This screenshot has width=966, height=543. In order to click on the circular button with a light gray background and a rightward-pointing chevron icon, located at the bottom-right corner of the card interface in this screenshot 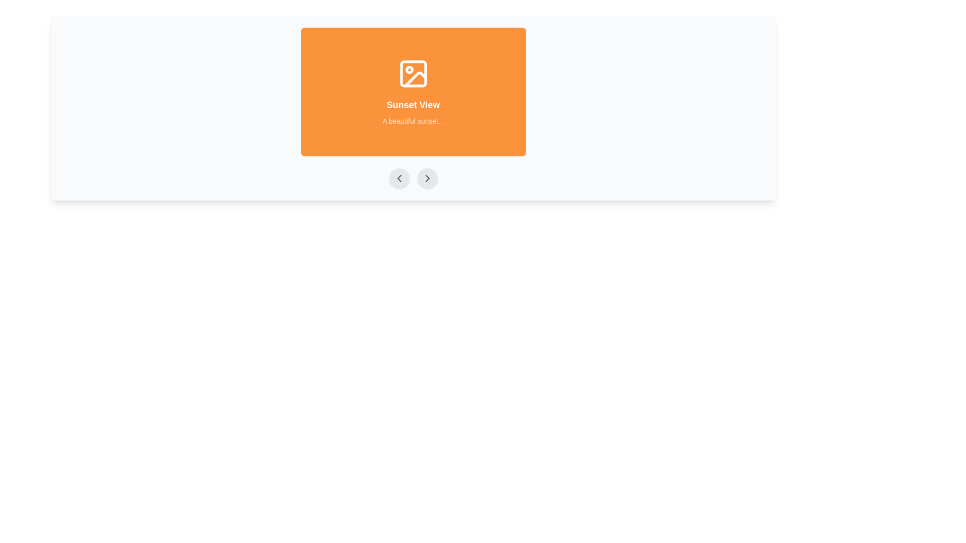, I will do `click(427, 177)`.